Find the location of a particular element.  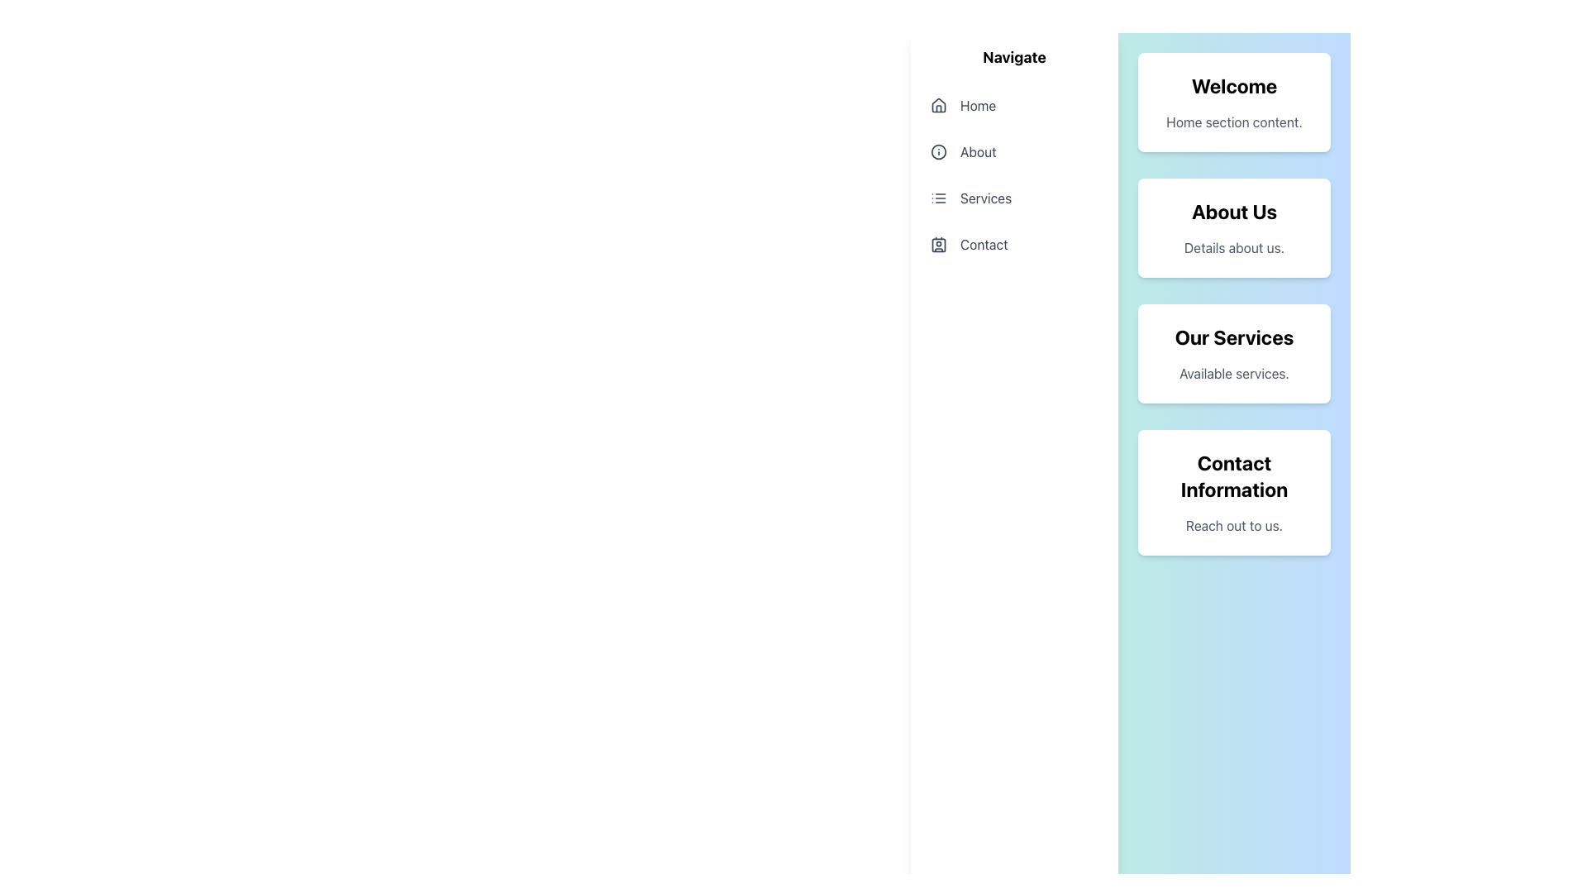

the 'Home' text label in the vertical navigation menu to receive interaction feedback is located at coordinates (978, 105).